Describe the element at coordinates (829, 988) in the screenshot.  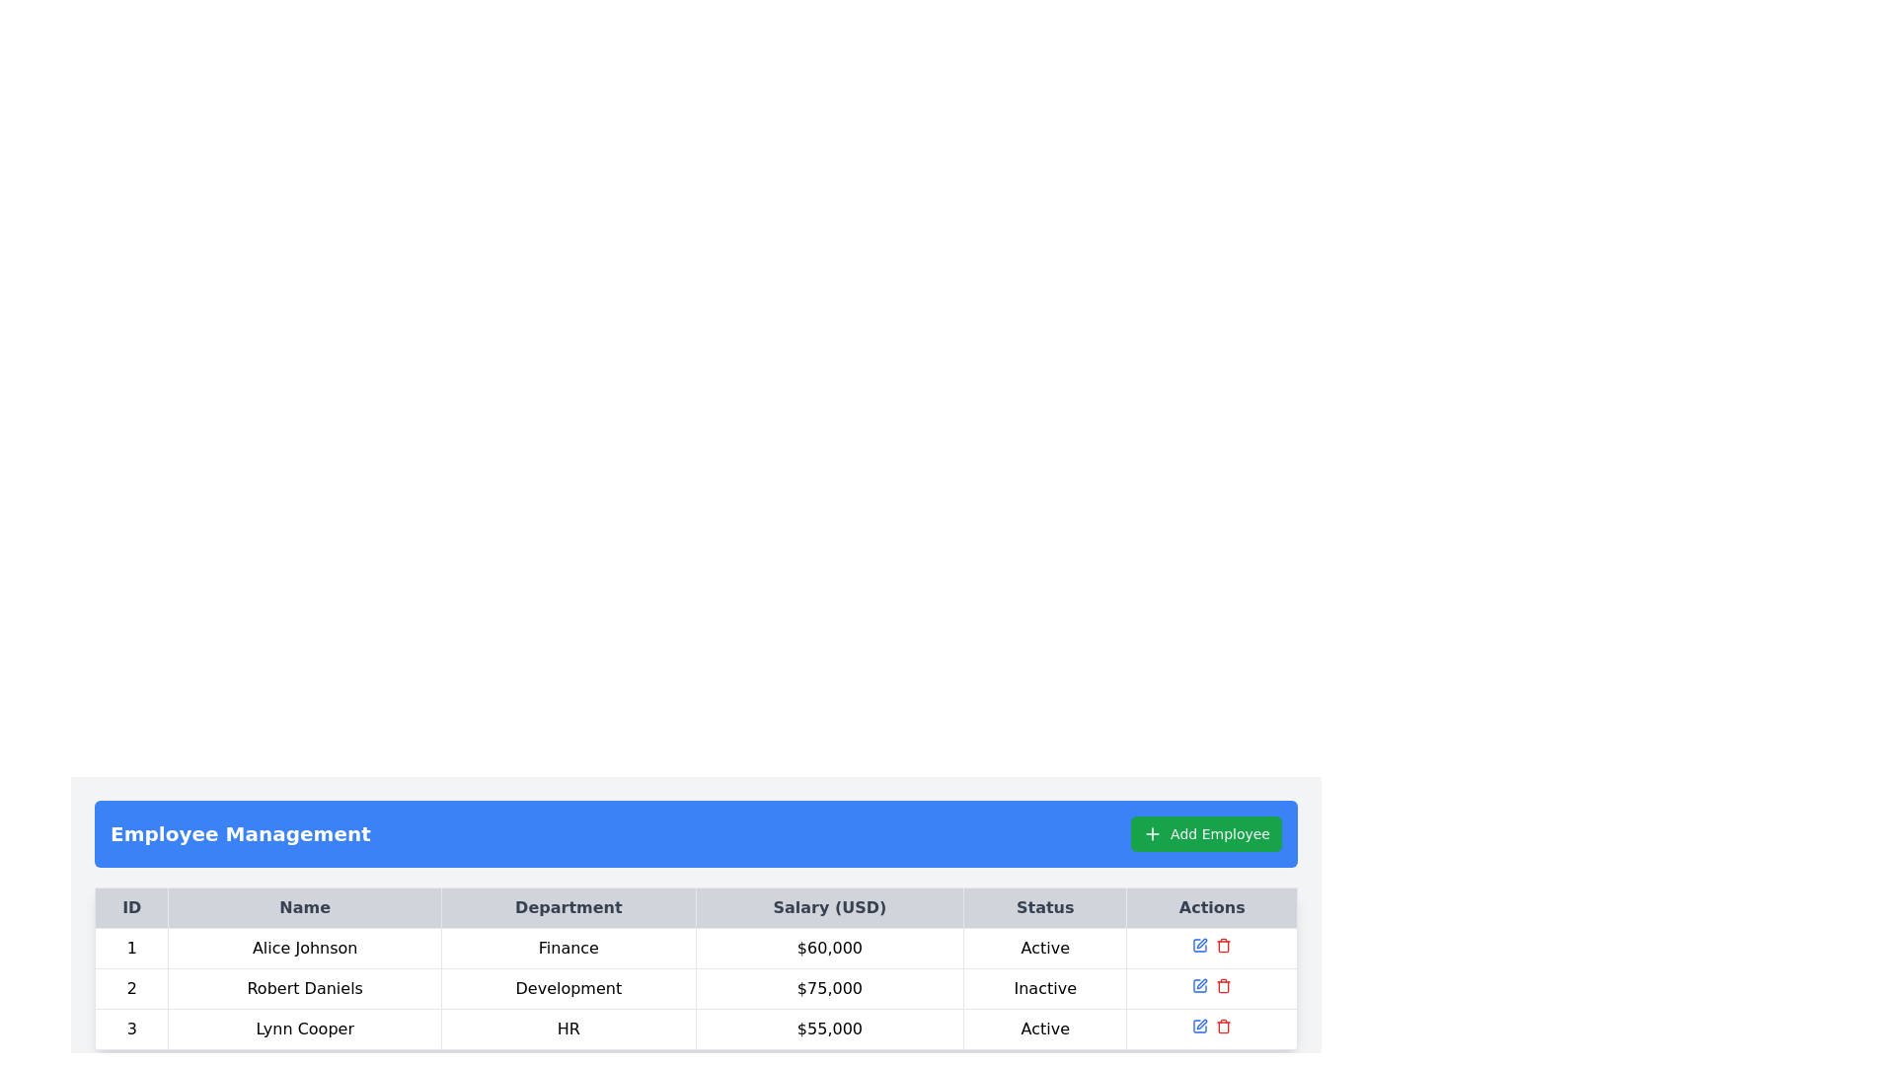
I see `the non-interactive text display showing the salary information for Robert Daniels in the 'Salary (USD)' column of the second row in the table` at that location.